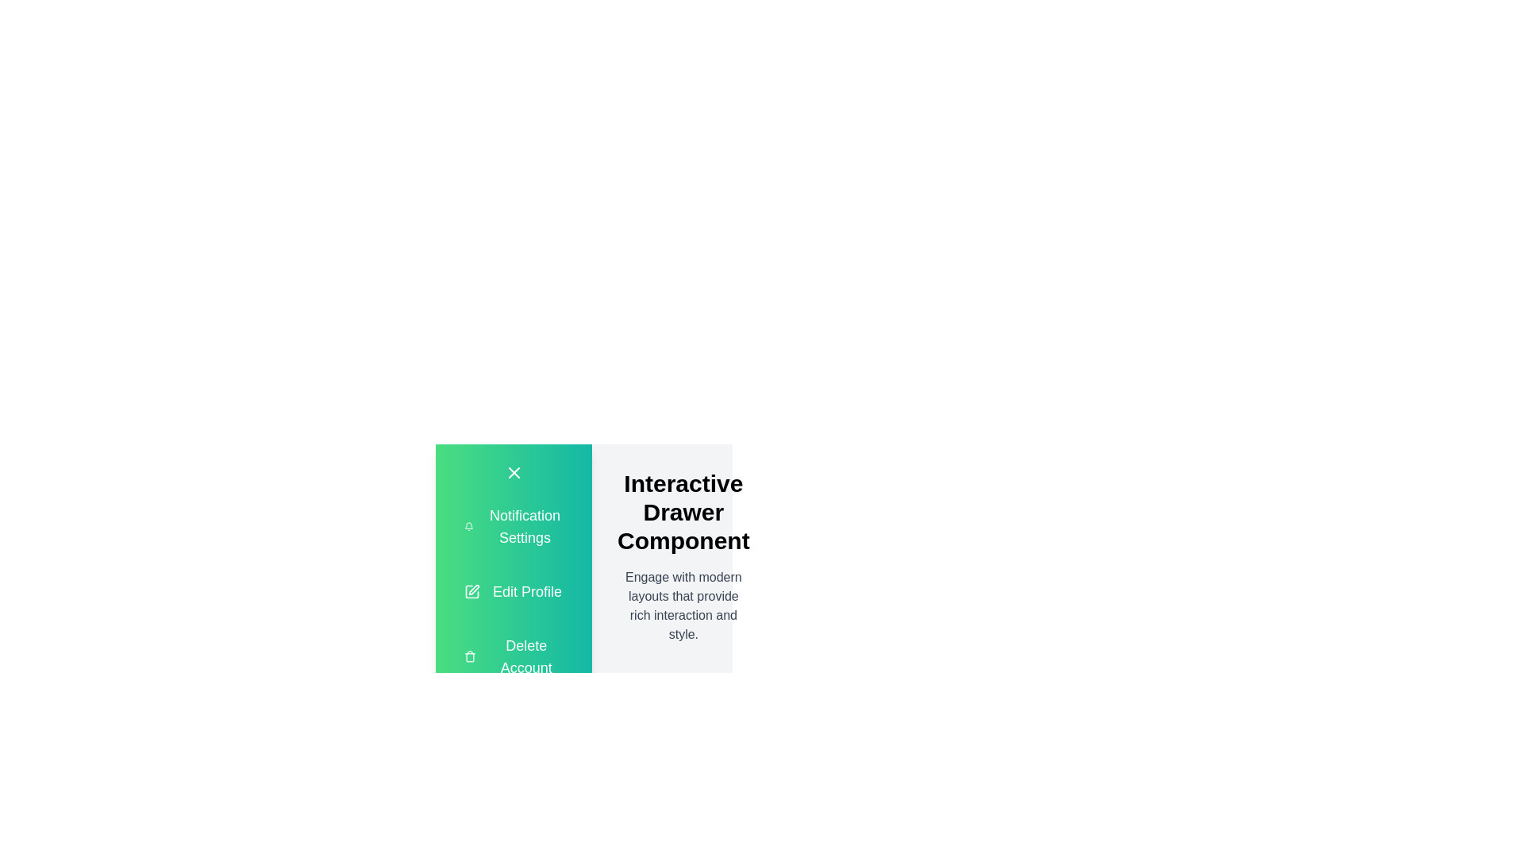 The width and height of the screenshot is (1524, 857). Describe the element at coordinates (514, 591) in the screenshot. I see `the 'Edit Profile' button` at that location.